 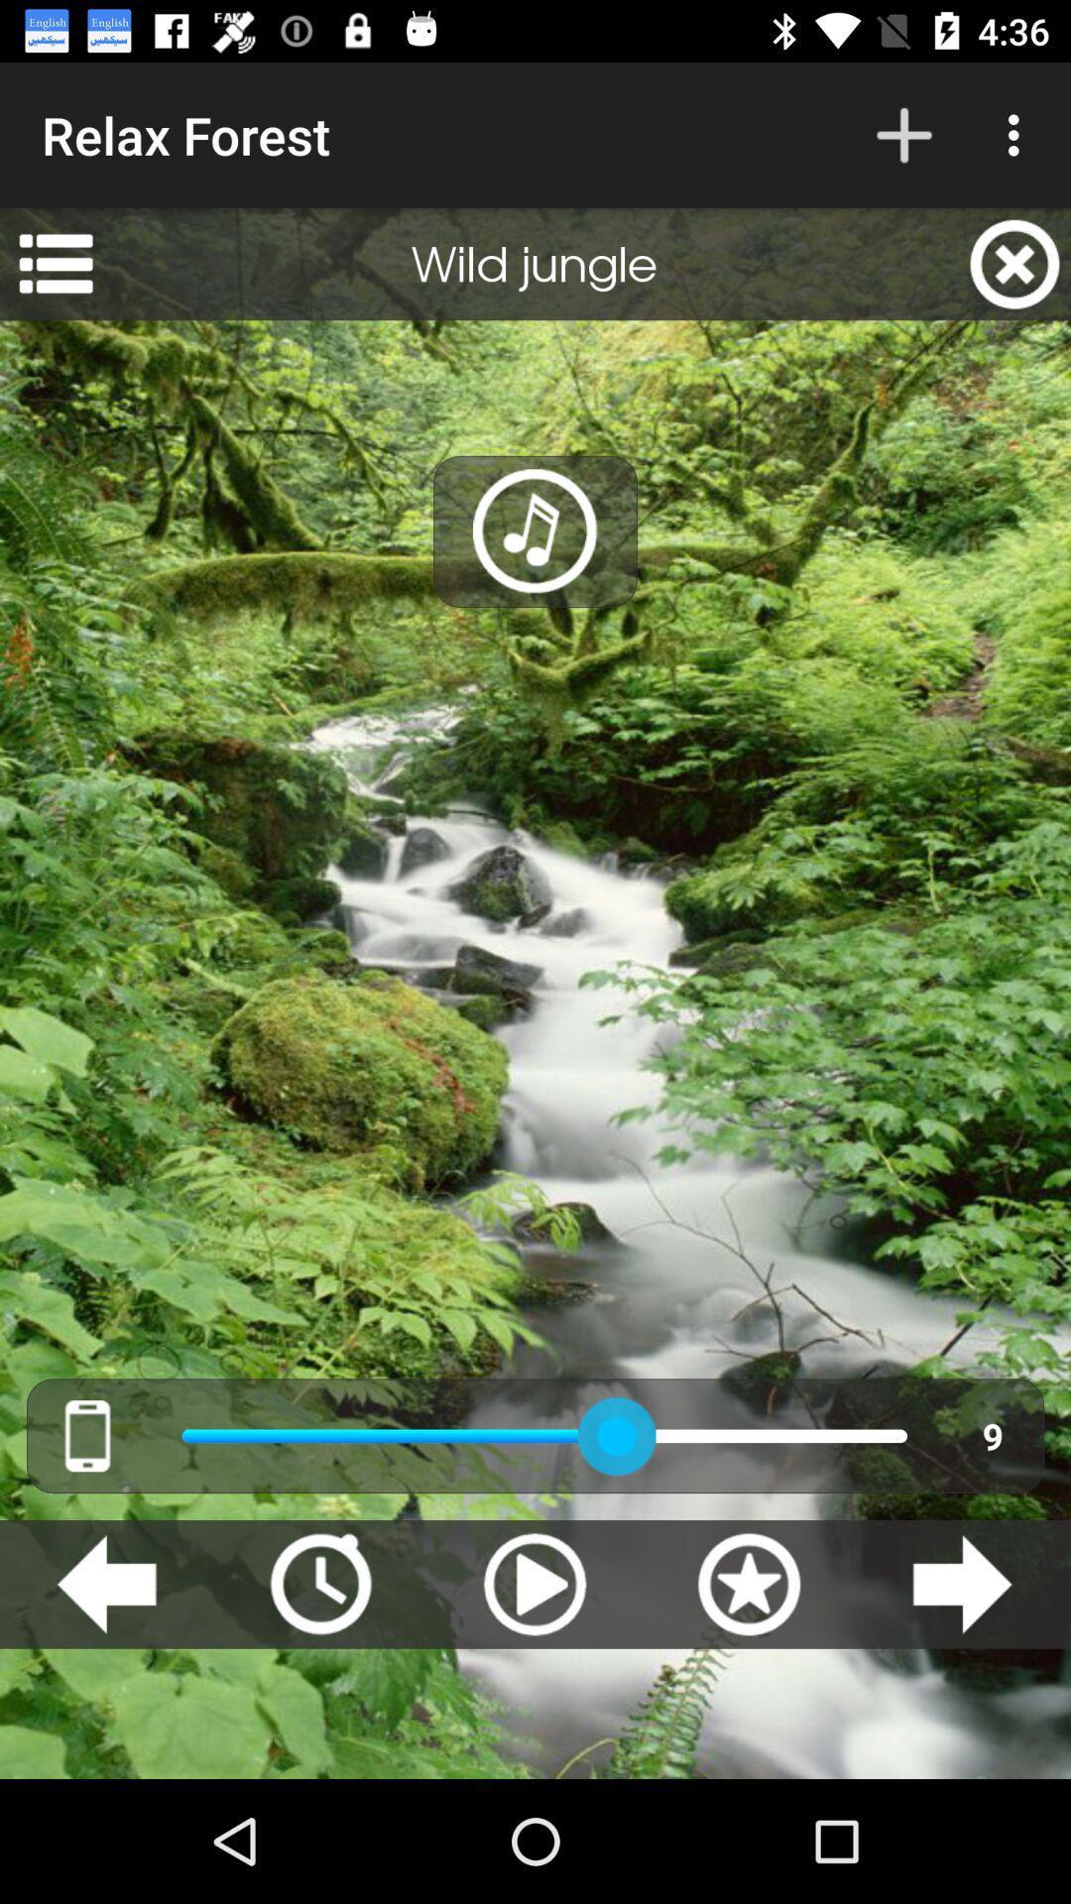 What do you see at coordinates (535, 532) in the screenshot?
I see `the music icon` at bounding box center [535, 532].